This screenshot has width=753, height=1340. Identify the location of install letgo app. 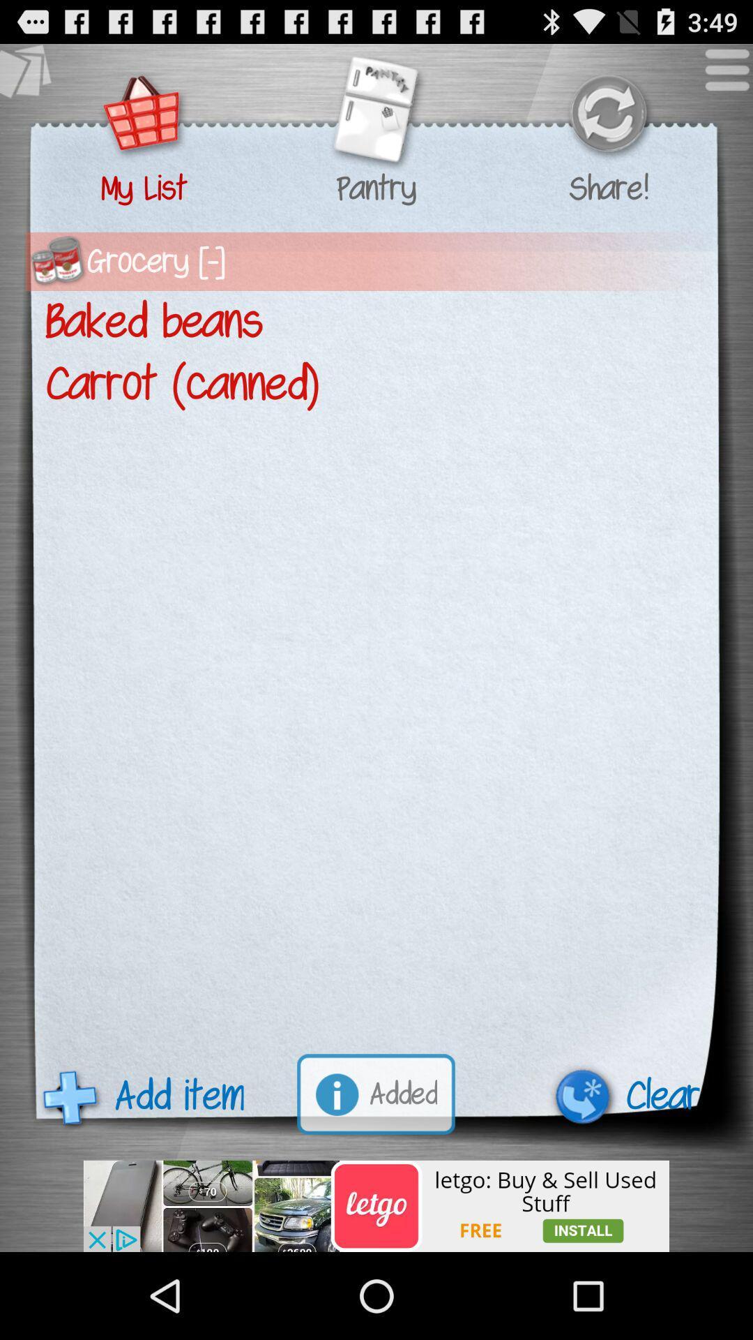
(376, 1205).